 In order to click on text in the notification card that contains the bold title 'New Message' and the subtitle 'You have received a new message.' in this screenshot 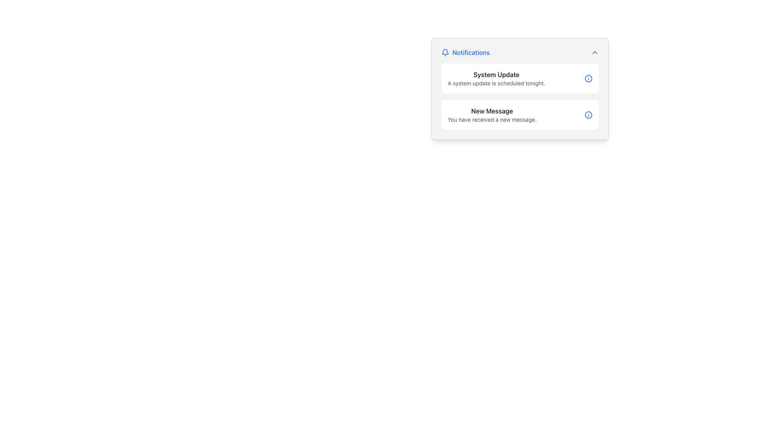, I will do `click(492, 115)`.